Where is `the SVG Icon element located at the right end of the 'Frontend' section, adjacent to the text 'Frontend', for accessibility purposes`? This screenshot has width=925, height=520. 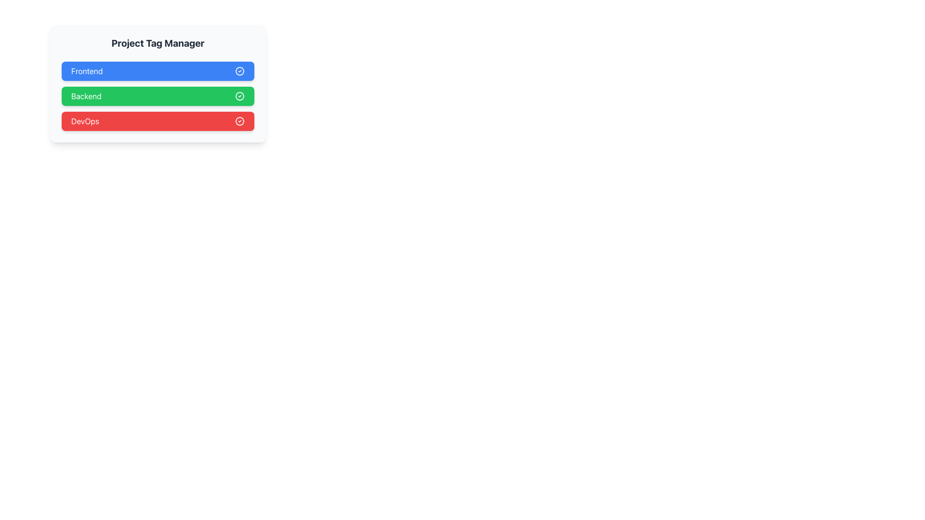
the SVG Icon element located at the right end of the 'Frontend' section, adjacent to the text 'Frontend', for accessibility purposes is located at coordinates (240, 70).